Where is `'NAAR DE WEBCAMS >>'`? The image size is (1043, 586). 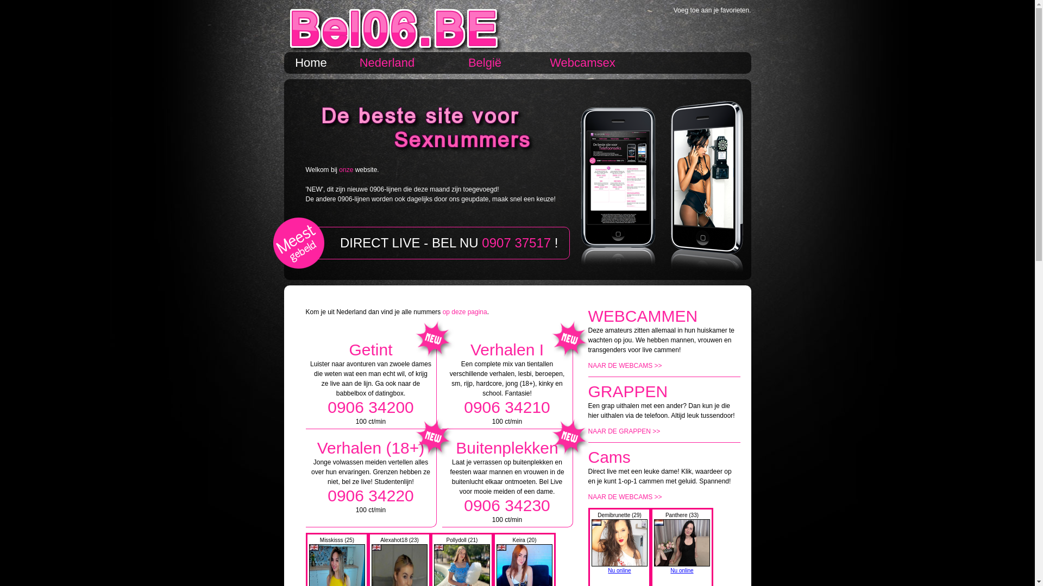 'NAAR DE WEBCAMS >>' is located at coordinates (625, 496).